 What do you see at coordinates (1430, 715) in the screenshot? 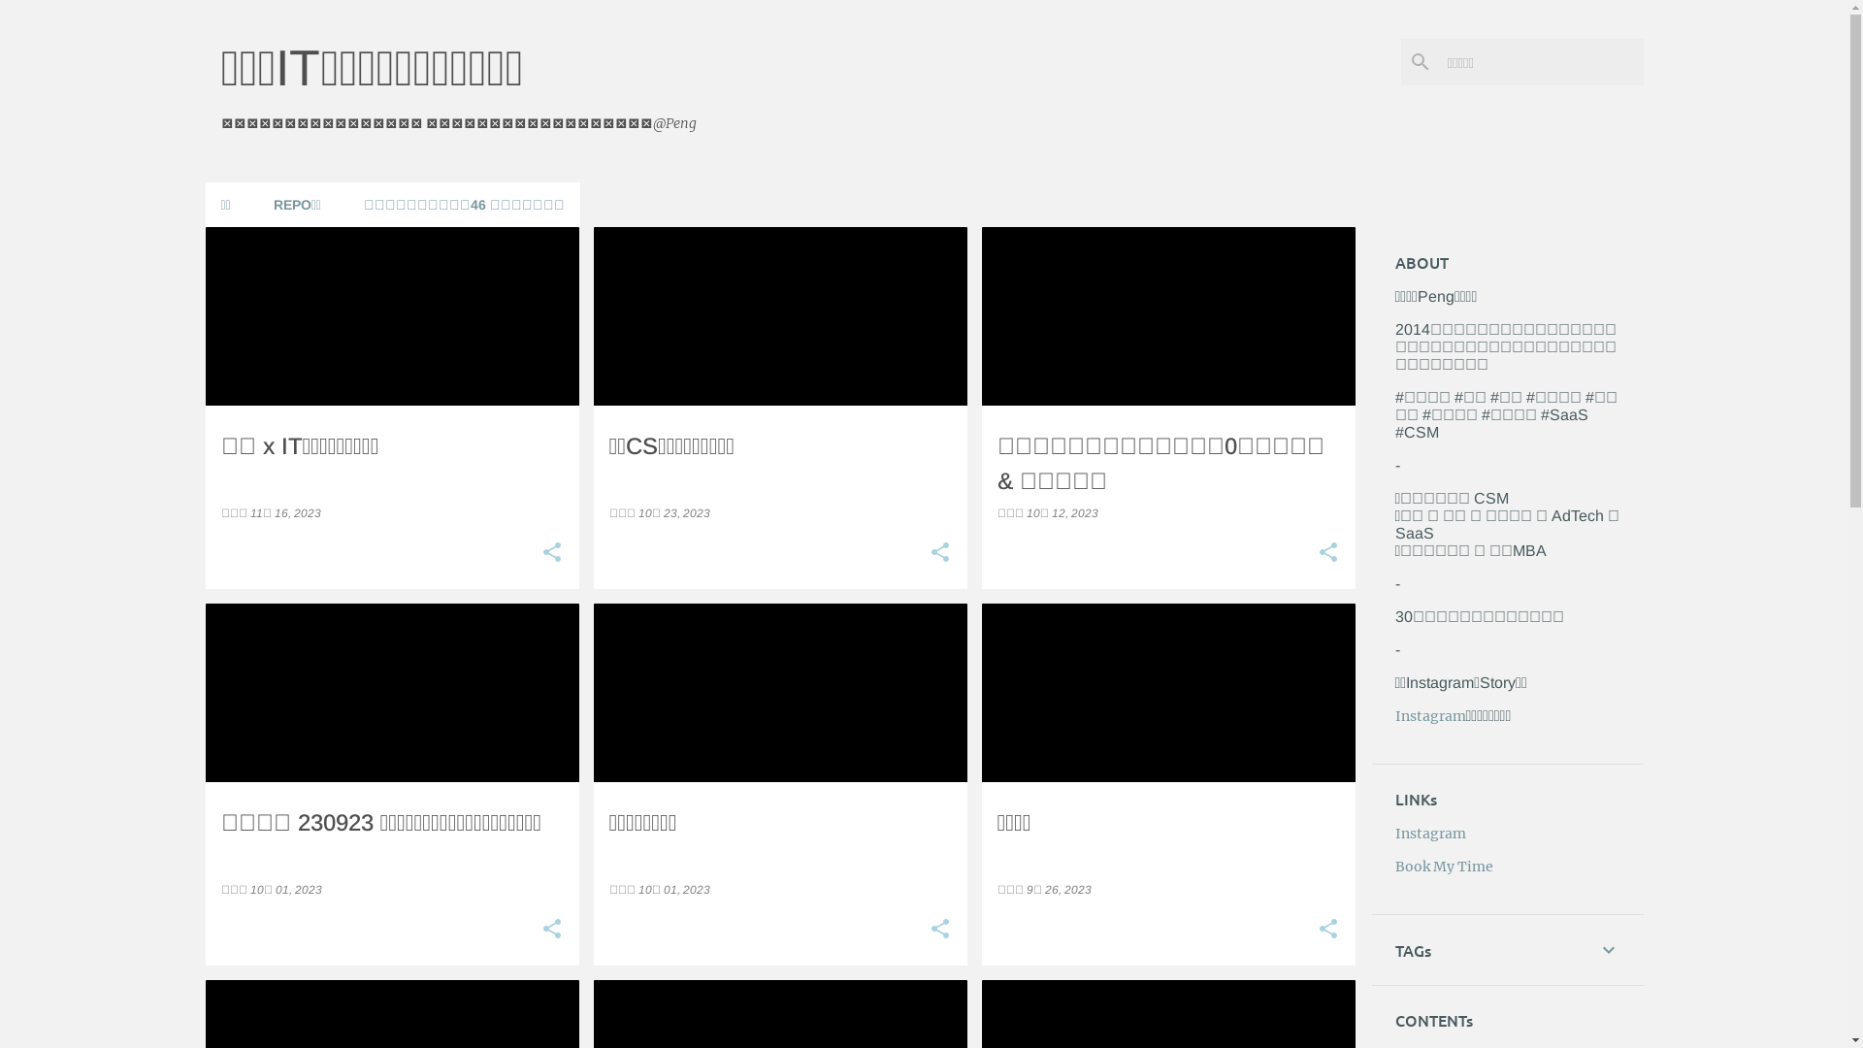
I see `'Instagram'` at bounding box center [1430, 715].